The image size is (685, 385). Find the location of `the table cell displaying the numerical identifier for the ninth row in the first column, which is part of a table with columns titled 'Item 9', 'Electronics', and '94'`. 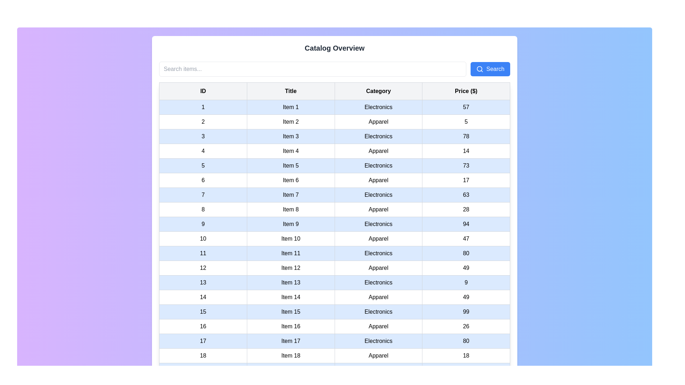

the table cell displaying the numerical identifier for the ninth row in the first column, which is part of a table with columns titled 'Item 9', 'Electronics', and '94' is located at coordinates (203, 224).